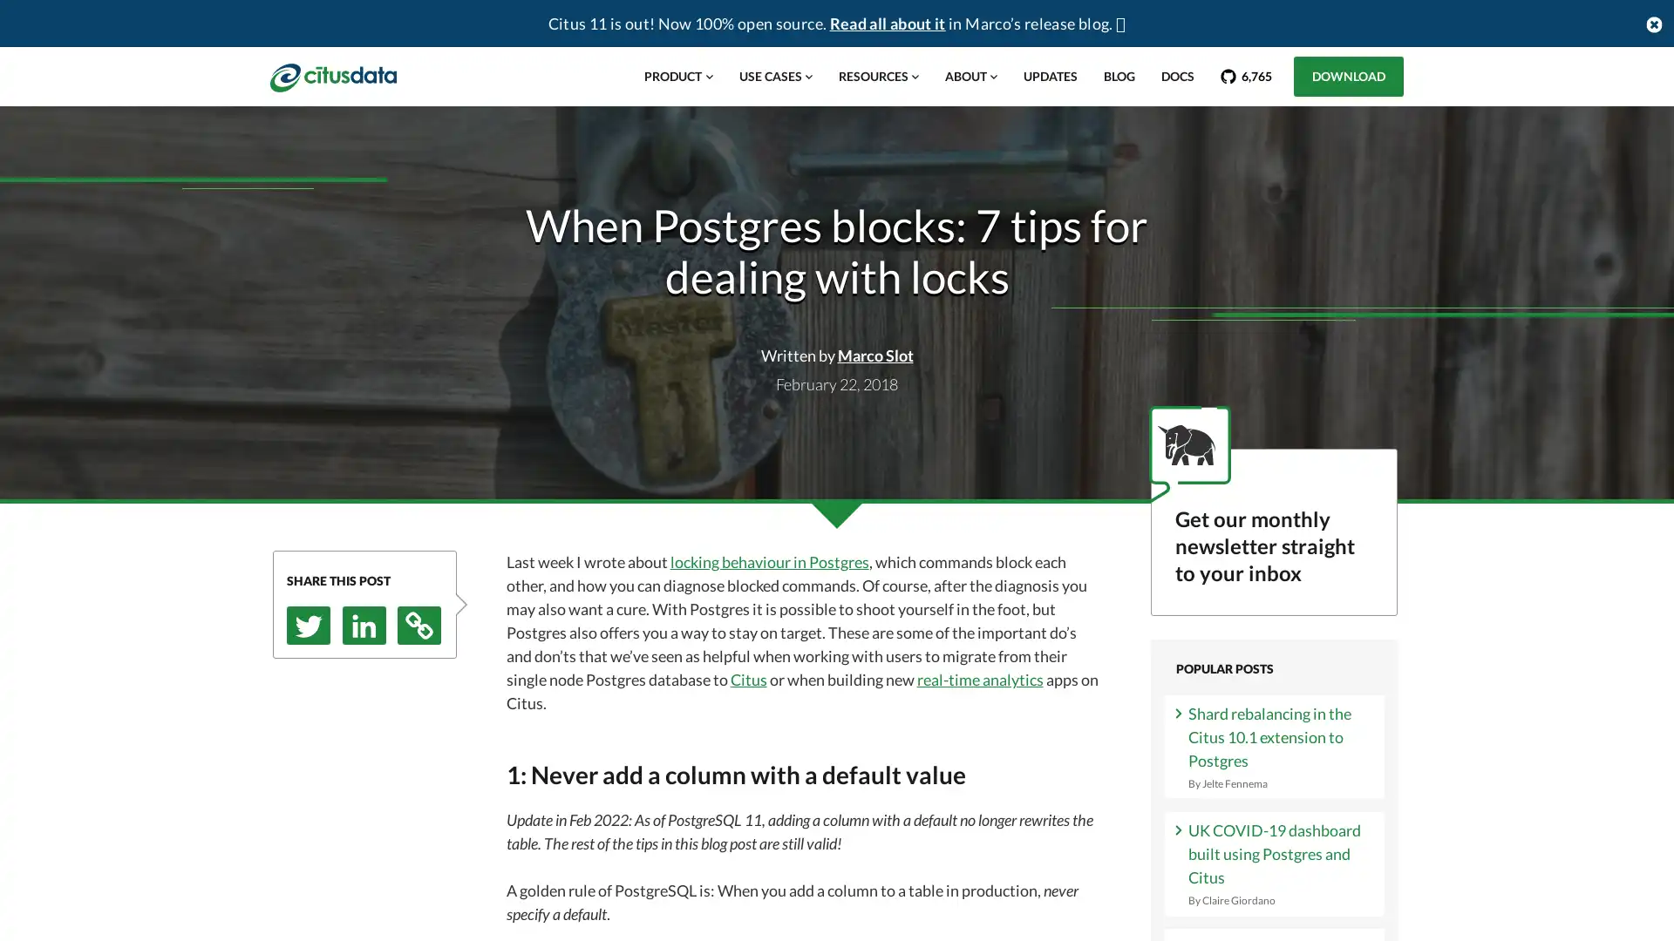 This screenshot has width=1674, height=941. Describe the element at coordinates (1273, 713) in the screenshot. I see `SIGN ME UP` at that location.